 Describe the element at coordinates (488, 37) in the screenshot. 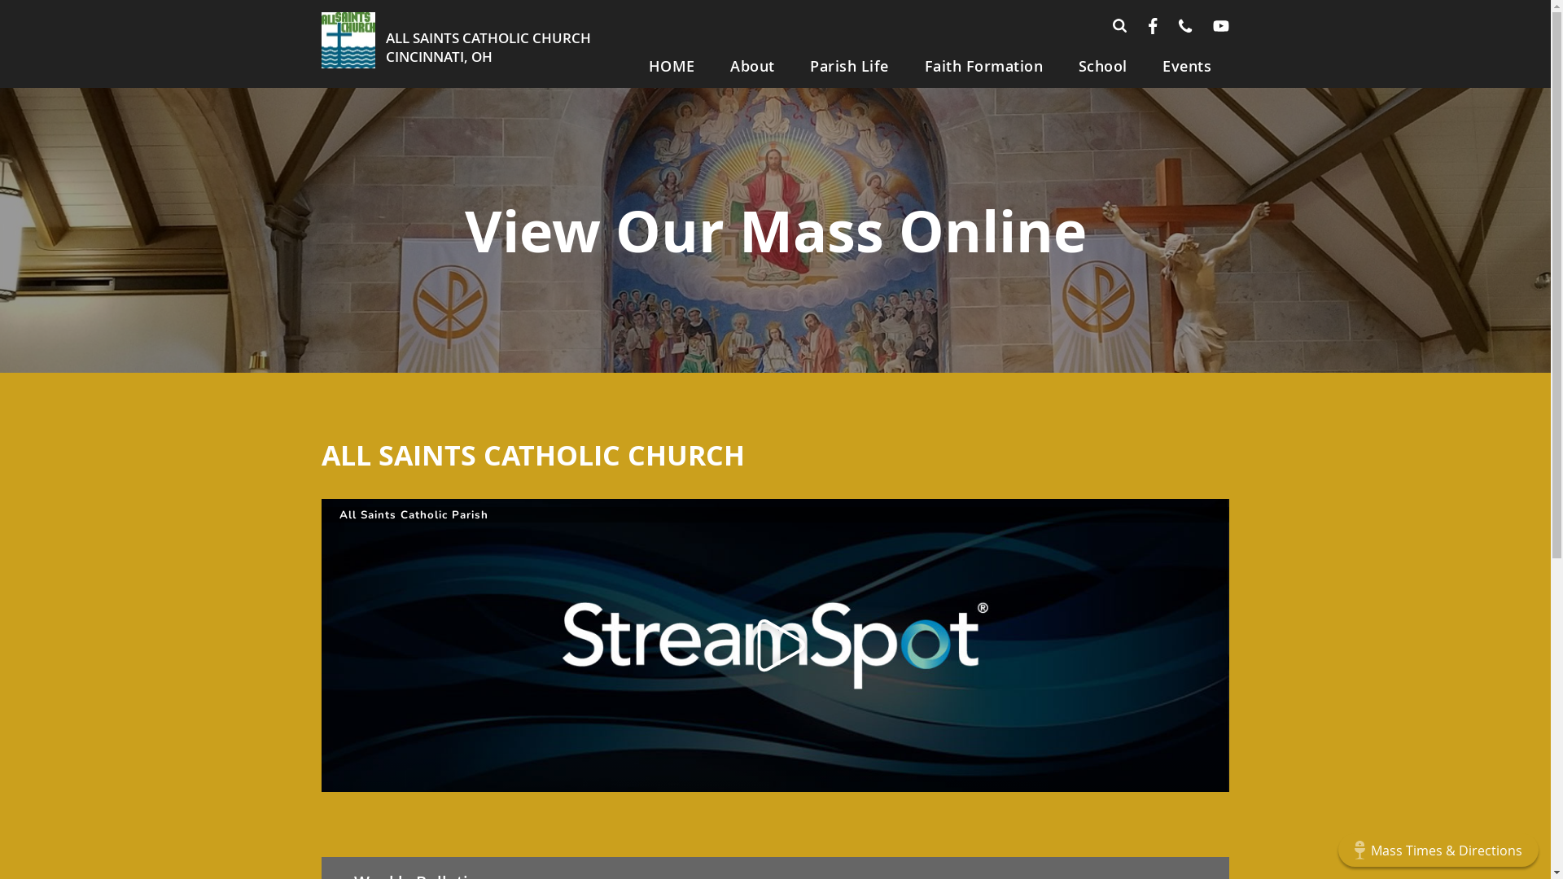

I see `'ALL SAINTS CATHOLIC CHURCH'` at that location.